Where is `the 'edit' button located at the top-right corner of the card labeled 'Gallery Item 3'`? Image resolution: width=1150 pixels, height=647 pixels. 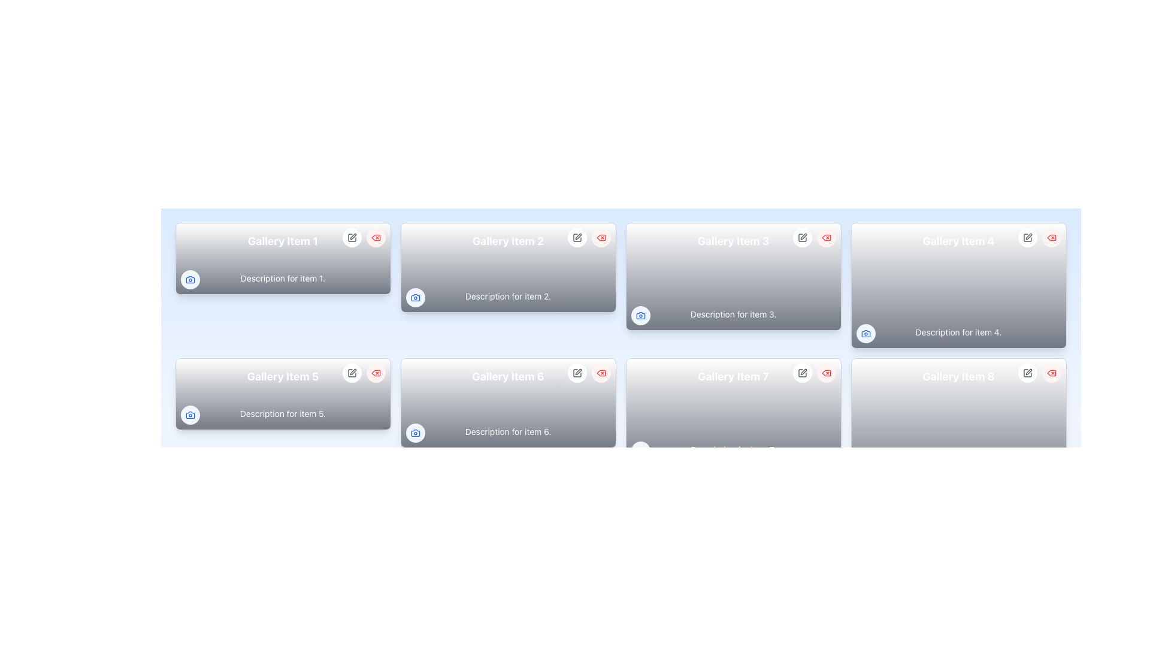
the 'edit' button located at the top-right corner of the card labeled 'Gallery Item 3' is located at coordinates (802, 238).